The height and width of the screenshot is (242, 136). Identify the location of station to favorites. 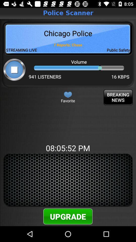
(68, 94).